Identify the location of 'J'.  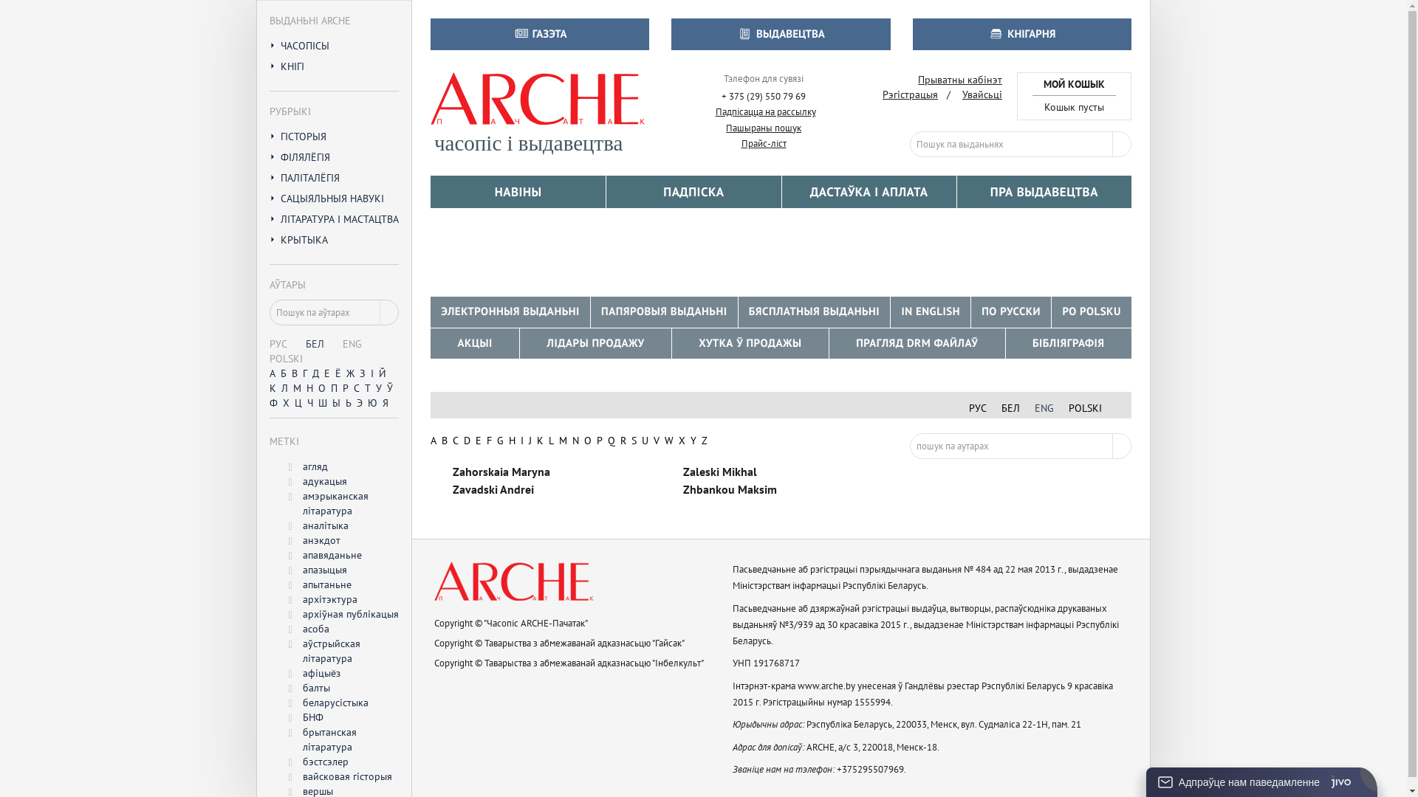
(530, 440).